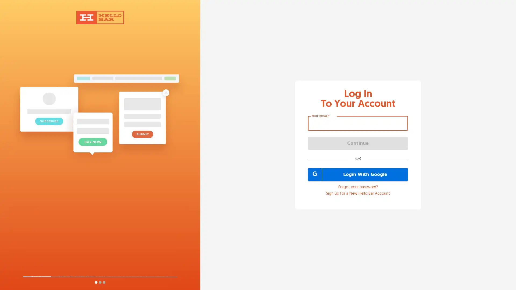 The width and height of the screenshot is (516, 290). Describe the element at coordinates (100, 282) in the screenshot. I see `carousel indicator 2` at that location.